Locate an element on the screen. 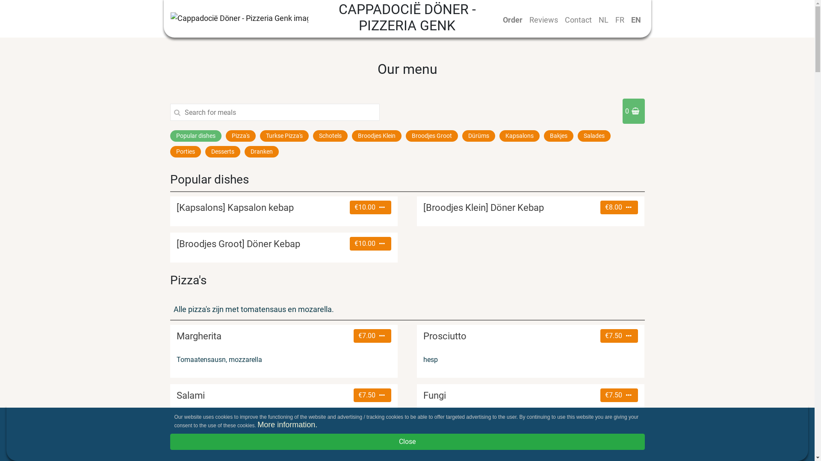  'More information.' is located at coordinates (287, 425).